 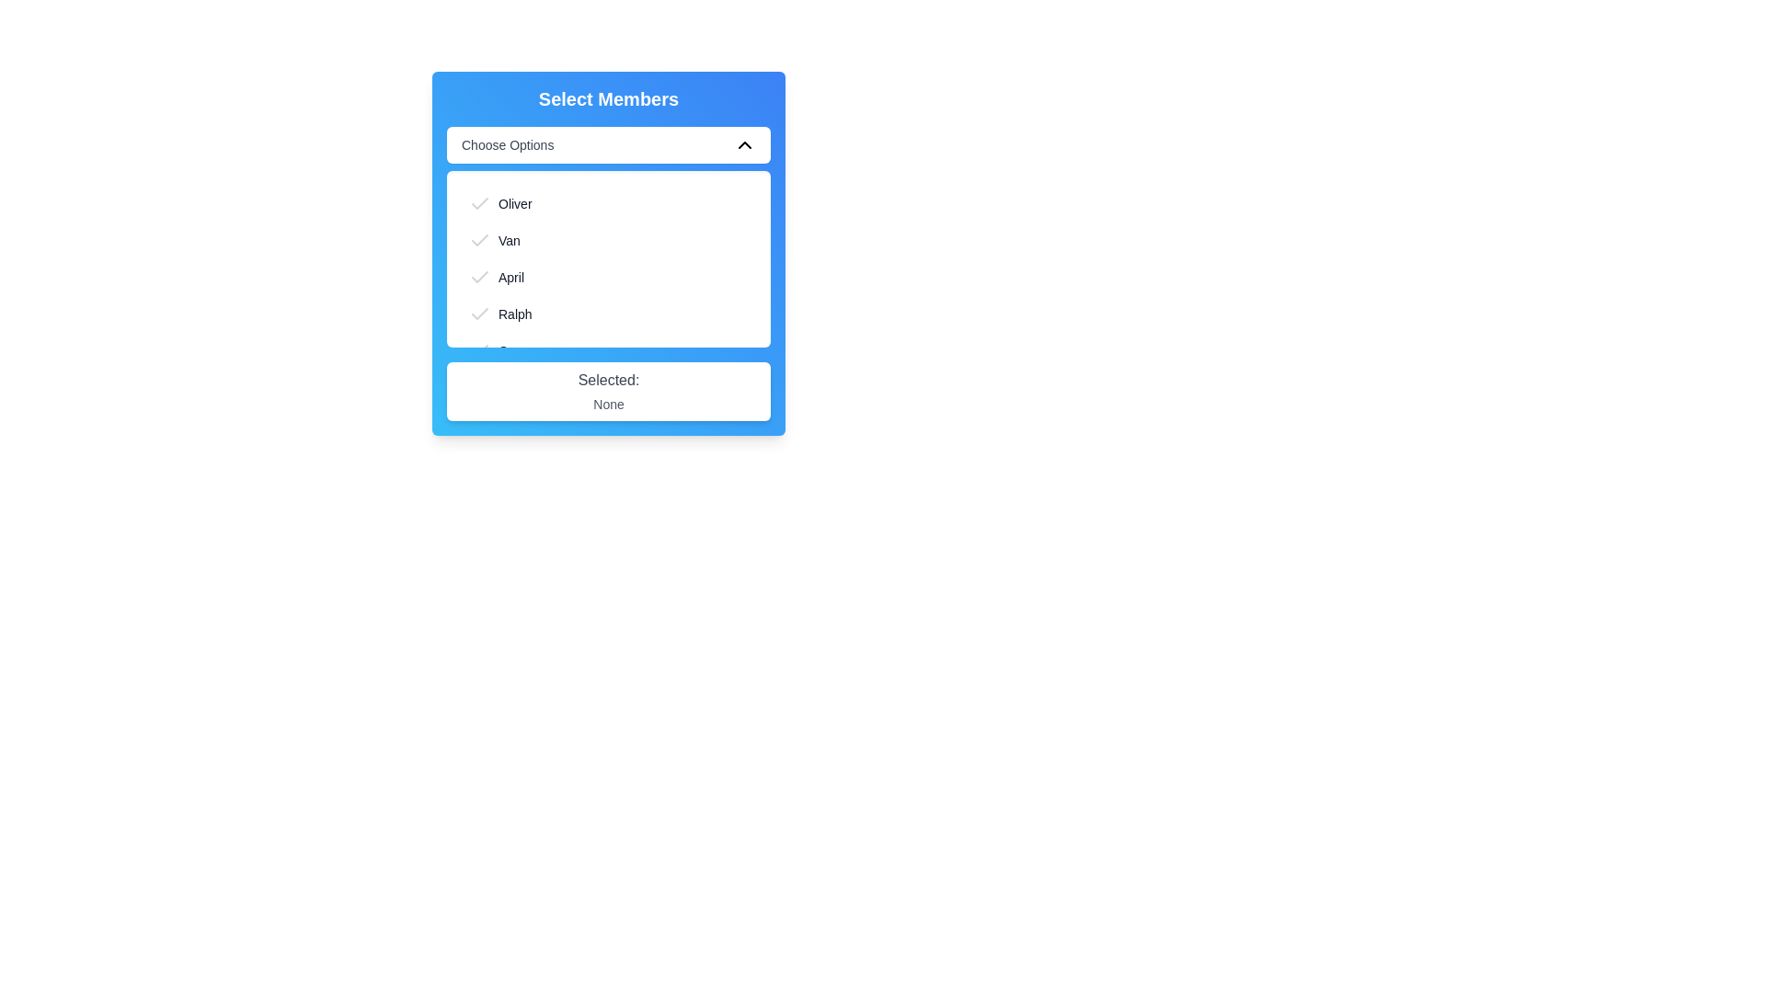 I want to click on the static text label 'Select Members', which is positioned at the top-center of the card-like structure, above the 'Choose Options' button, so click(x=609, y=99).